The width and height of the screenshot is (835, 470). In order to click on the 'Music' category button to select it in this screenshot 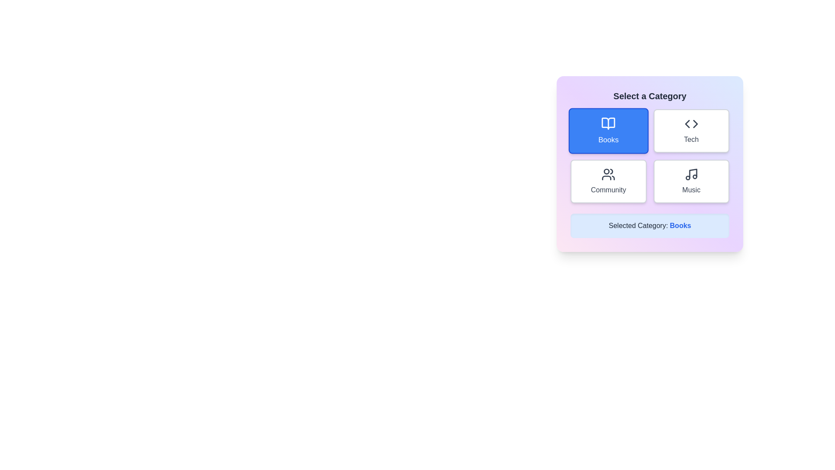, I will do `click(691, 181)`.